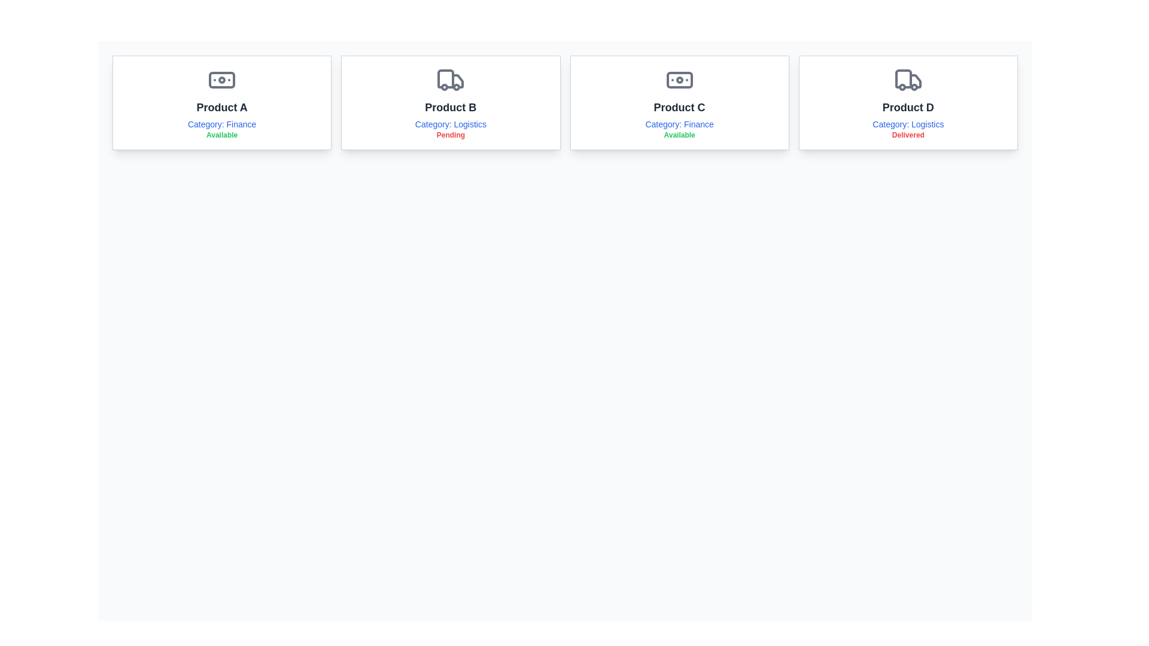 The width and height of the screenshot is (1149, 646). What do you see at coordinates (908, 80) in the screenshot?
I see `the 'Logistics' icon for 'Product D,' which is located at the top-center of the card, providing a graphical cue for the product's type` at bounding box center [908, 80].